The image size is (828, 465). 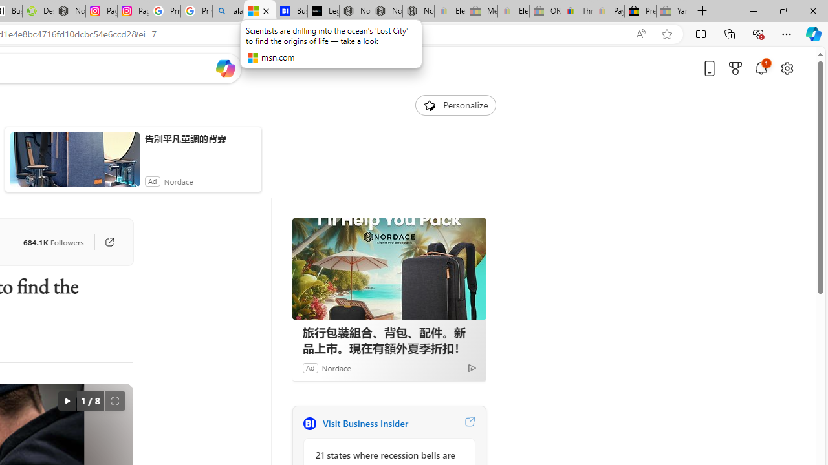 What do you see at coordinates (114, 400) in the screenshot?
I see `'Full screen'` at bounding box center [114, 400].